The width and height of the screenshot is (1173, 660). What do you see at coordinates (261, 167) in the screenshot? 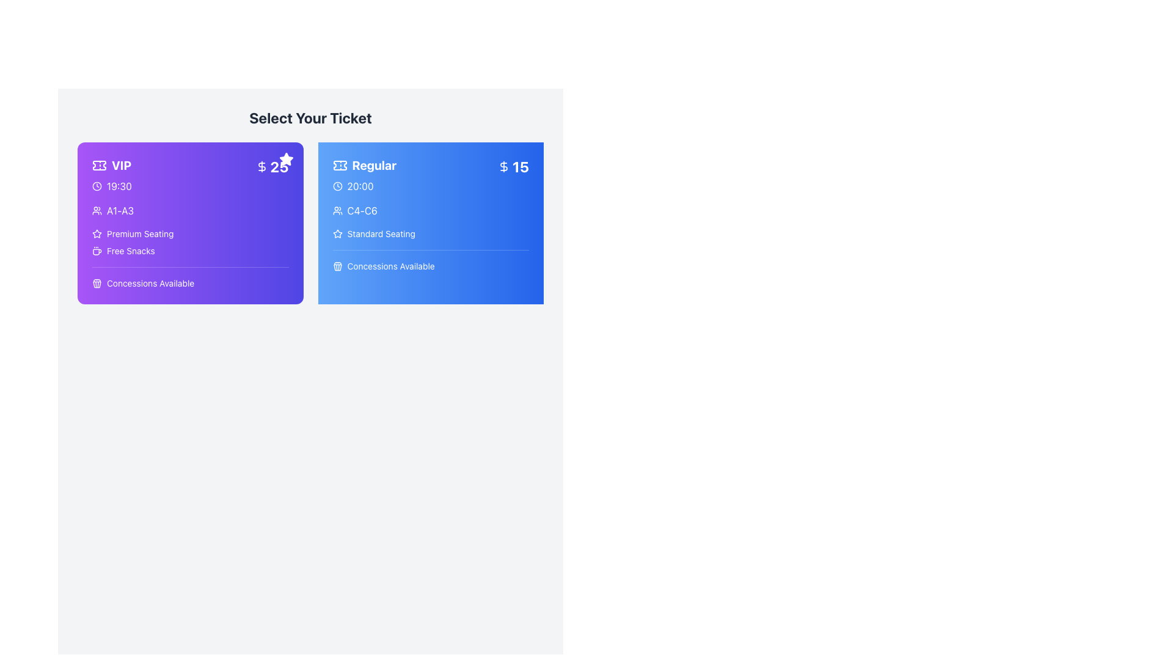
I see `the dollar sign icon, which is white on a purple background and positioned within the 'VIP' ticket selection card, located to the left of the number '25'` at bounding box center [261, 167].